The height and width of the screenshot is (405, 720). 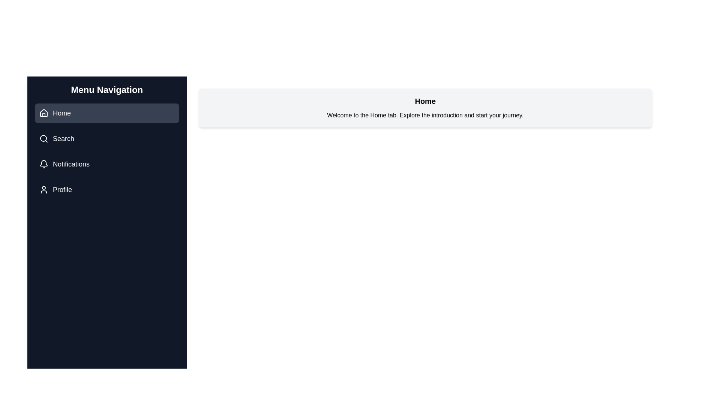 I want to click on the 'Home' tab in the navigation menu, so click(x=106, y=113).